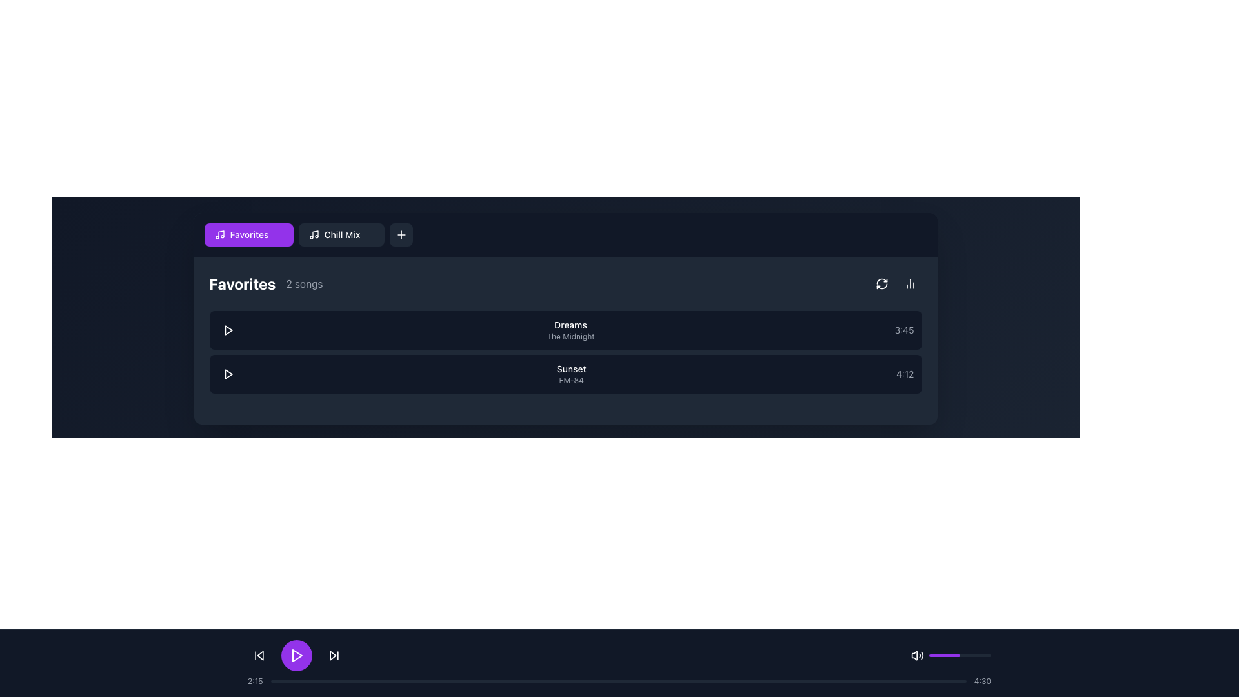 This screenshot has width=1239, height=697. Describe the element at coordinates (945, 655) in the screenshot. I see `the purple progress bar segment with rounded edges located at the bottom left half of the interface` at that location.